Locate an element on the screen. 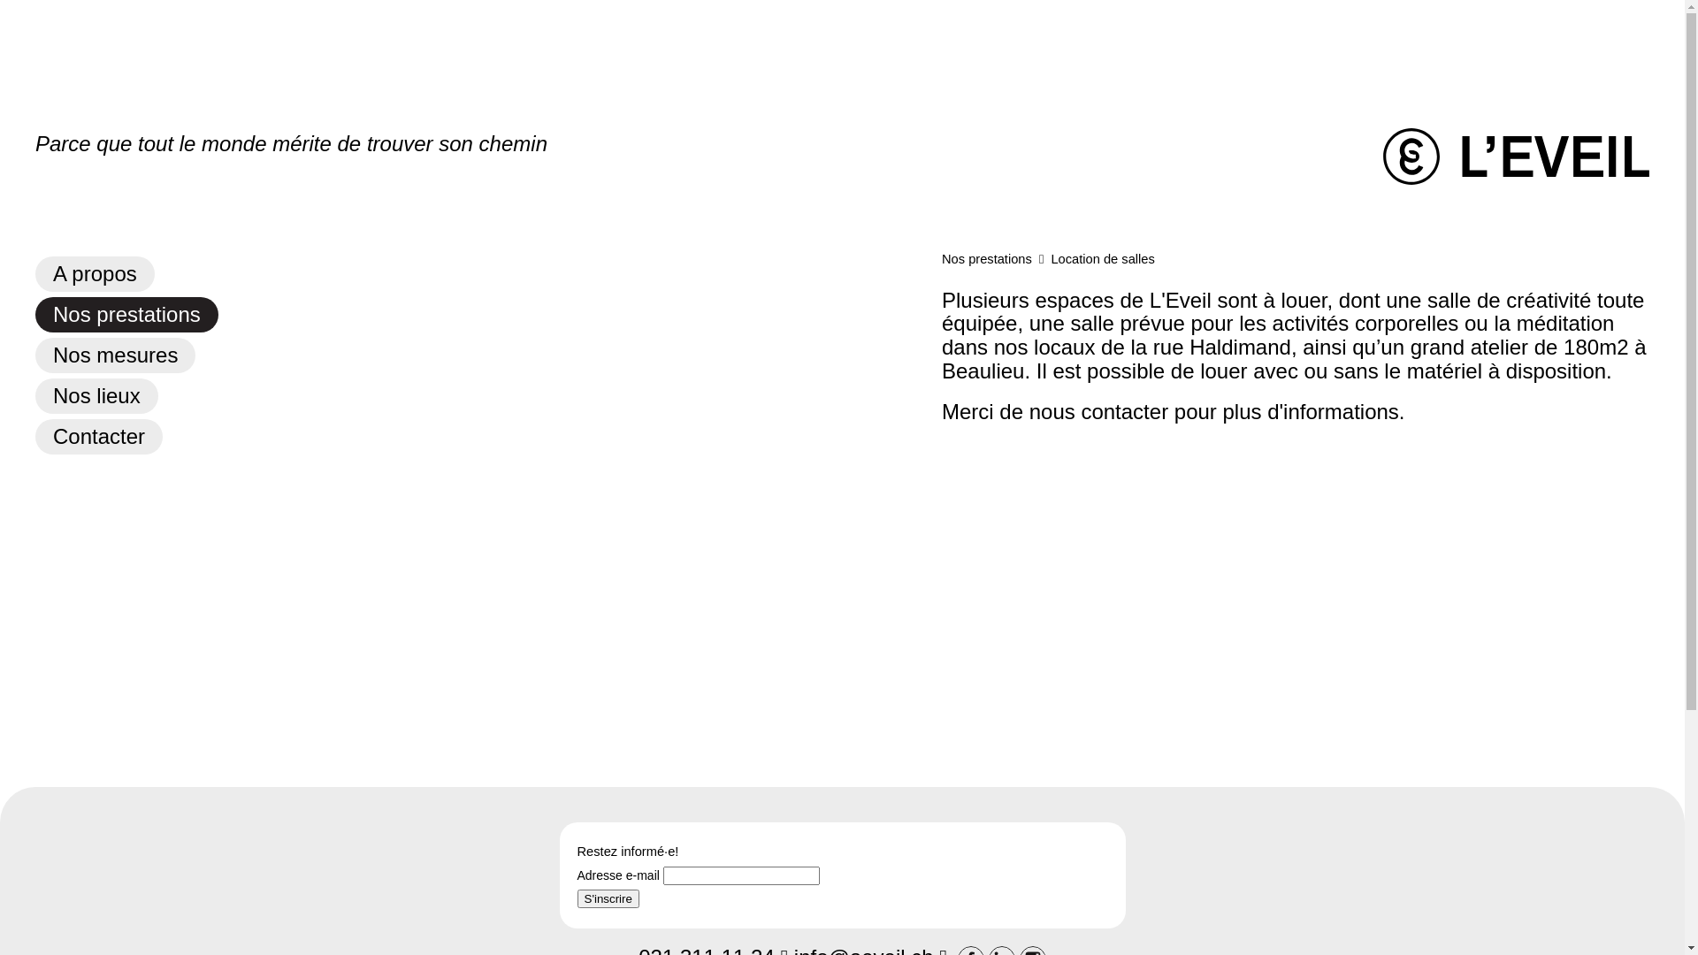 This screenshot has width=1698, height=955. 'S'inscrire' is located at coordinates (607, 898).